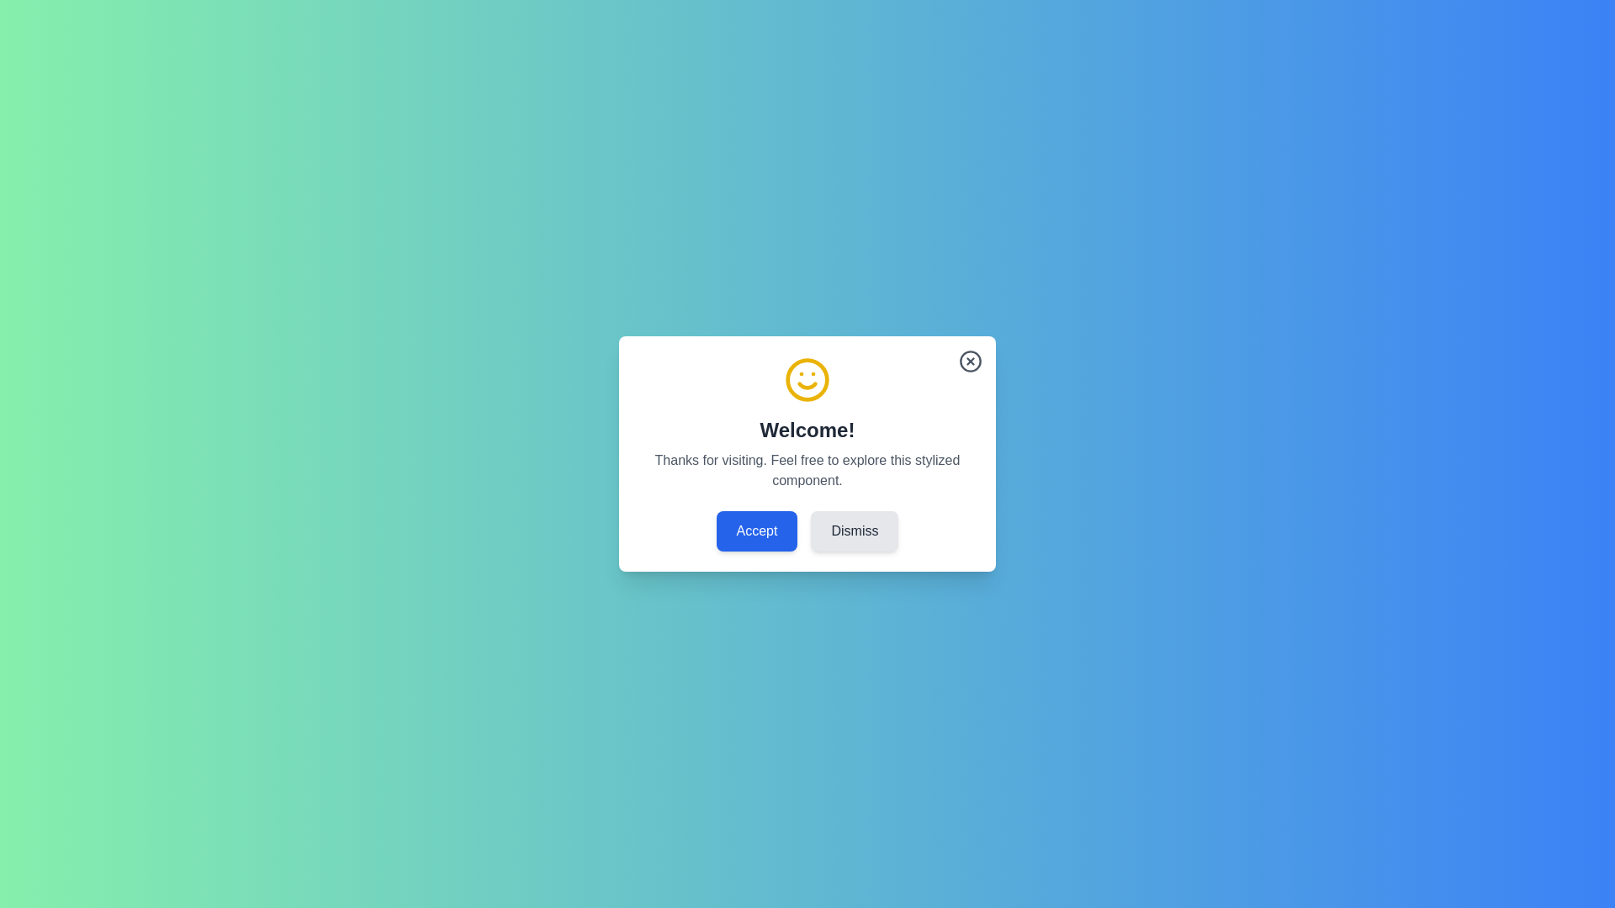 The image size is (1615, 908). Describe the element at coordinates (970, 360) in the screenshot. I see `close button in the top-right corner of the dialog to dismiss it` at that location.